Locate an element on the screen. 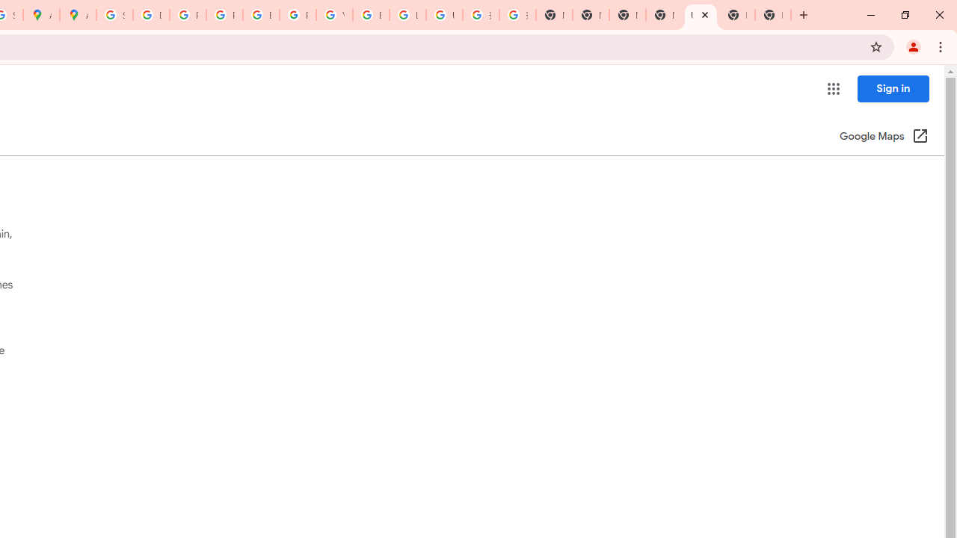 This screenshot has height=538, width=957. 'New Tab' is located at coordinates (773, 15).